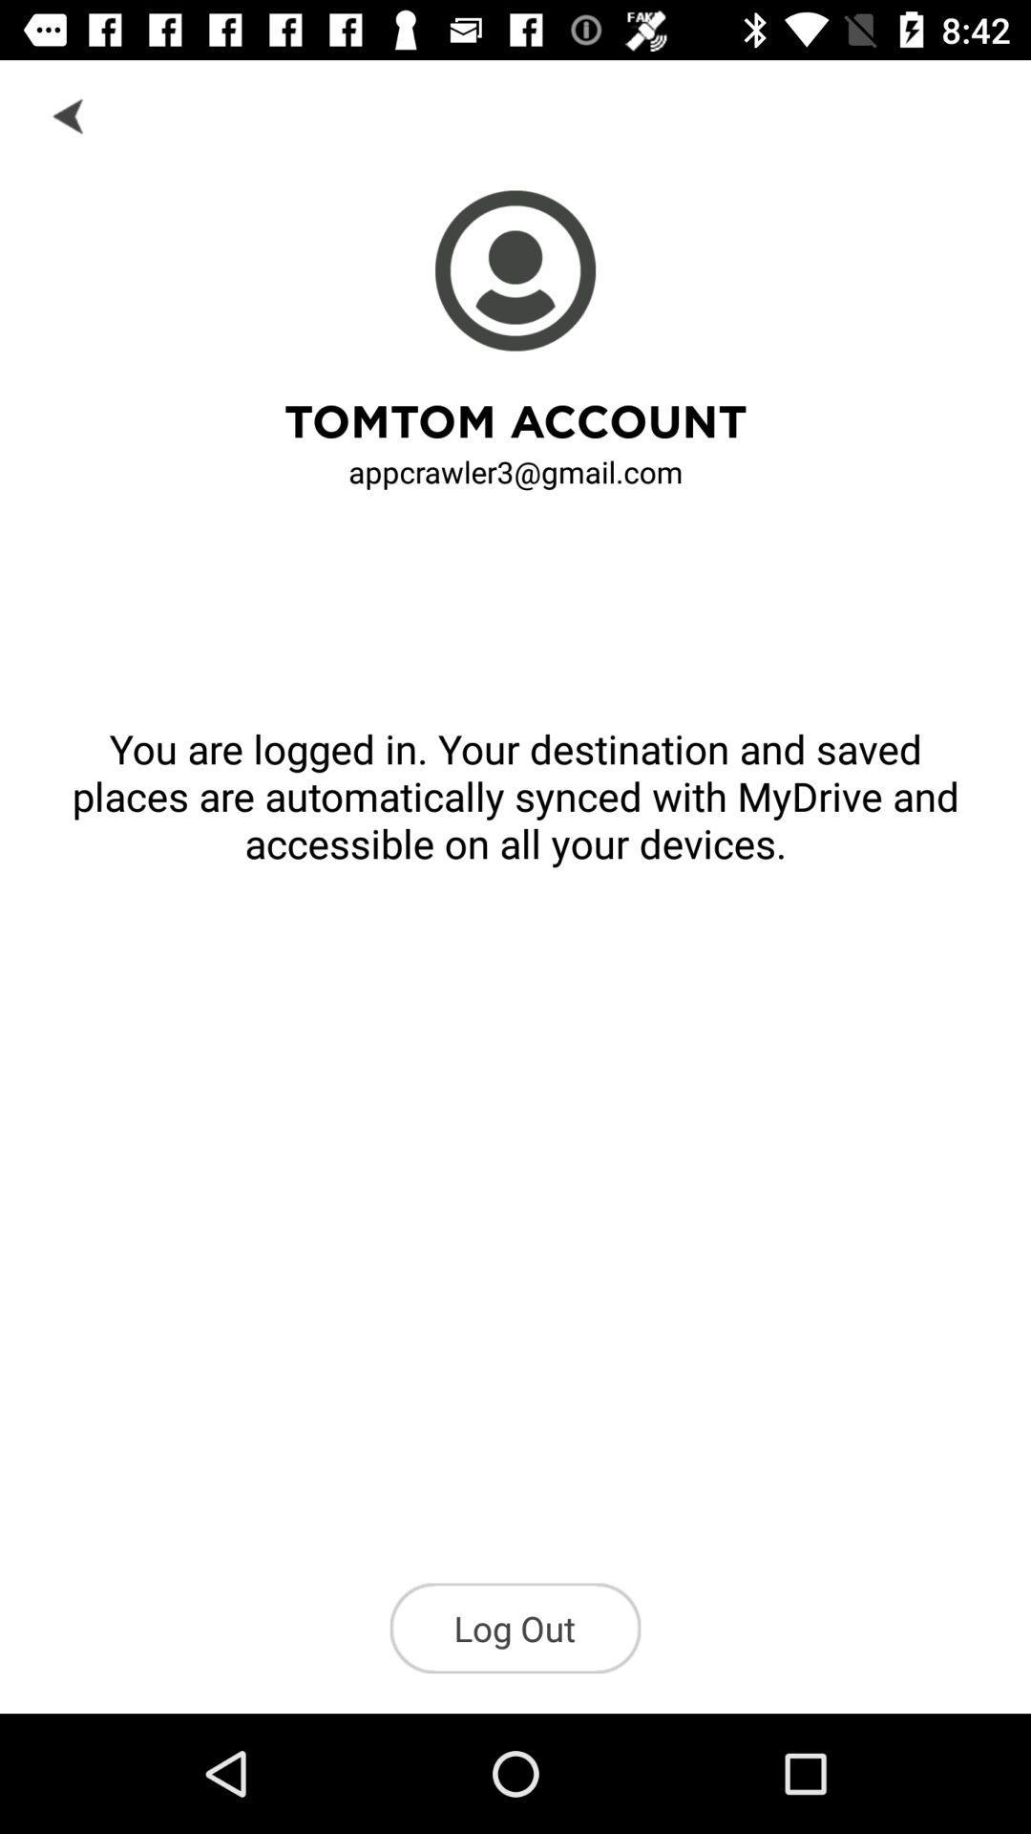 The width and height of the screenshot is (1031, 1834). Describe the element at coordinates (69, 114) in the screenshot. I see `go back` at that location.